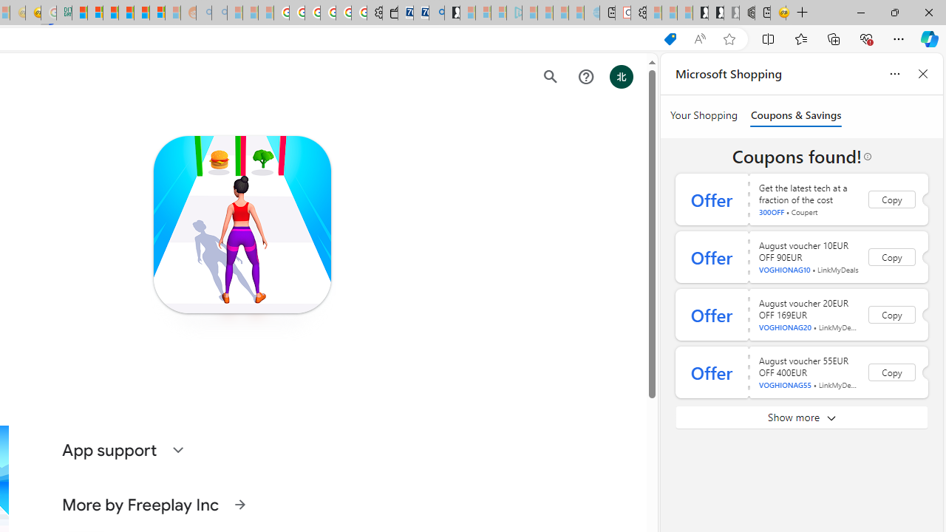  I want to click on 'Microsoft account | Privacy', so click(95, 13).